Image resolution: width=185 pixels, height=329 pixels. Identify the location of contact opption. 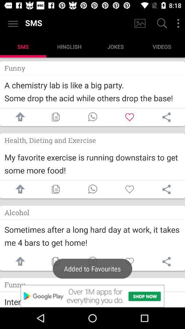
(92, 261).